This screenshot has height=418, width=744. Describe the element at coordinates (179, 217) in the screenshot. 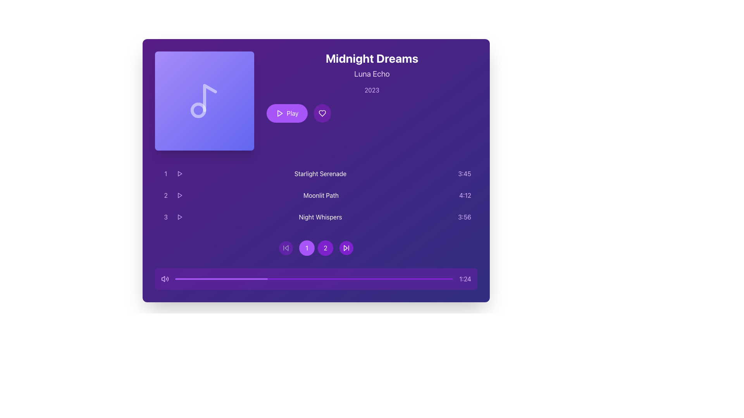

I see `the triangular play icon with a purple outline located next to the number '3' in the track list` at that location.